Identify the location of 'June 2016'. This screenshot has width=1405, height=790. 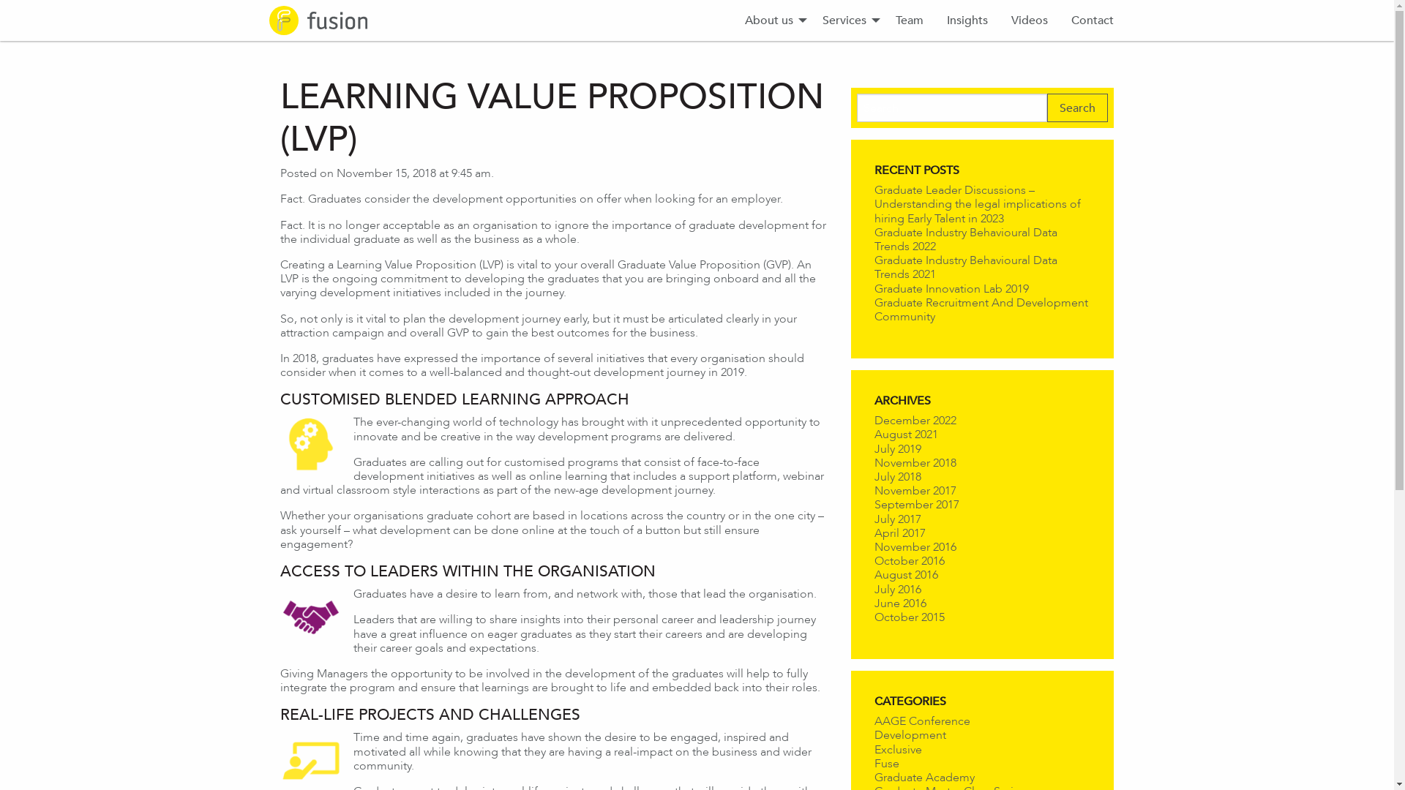
(899, 603).